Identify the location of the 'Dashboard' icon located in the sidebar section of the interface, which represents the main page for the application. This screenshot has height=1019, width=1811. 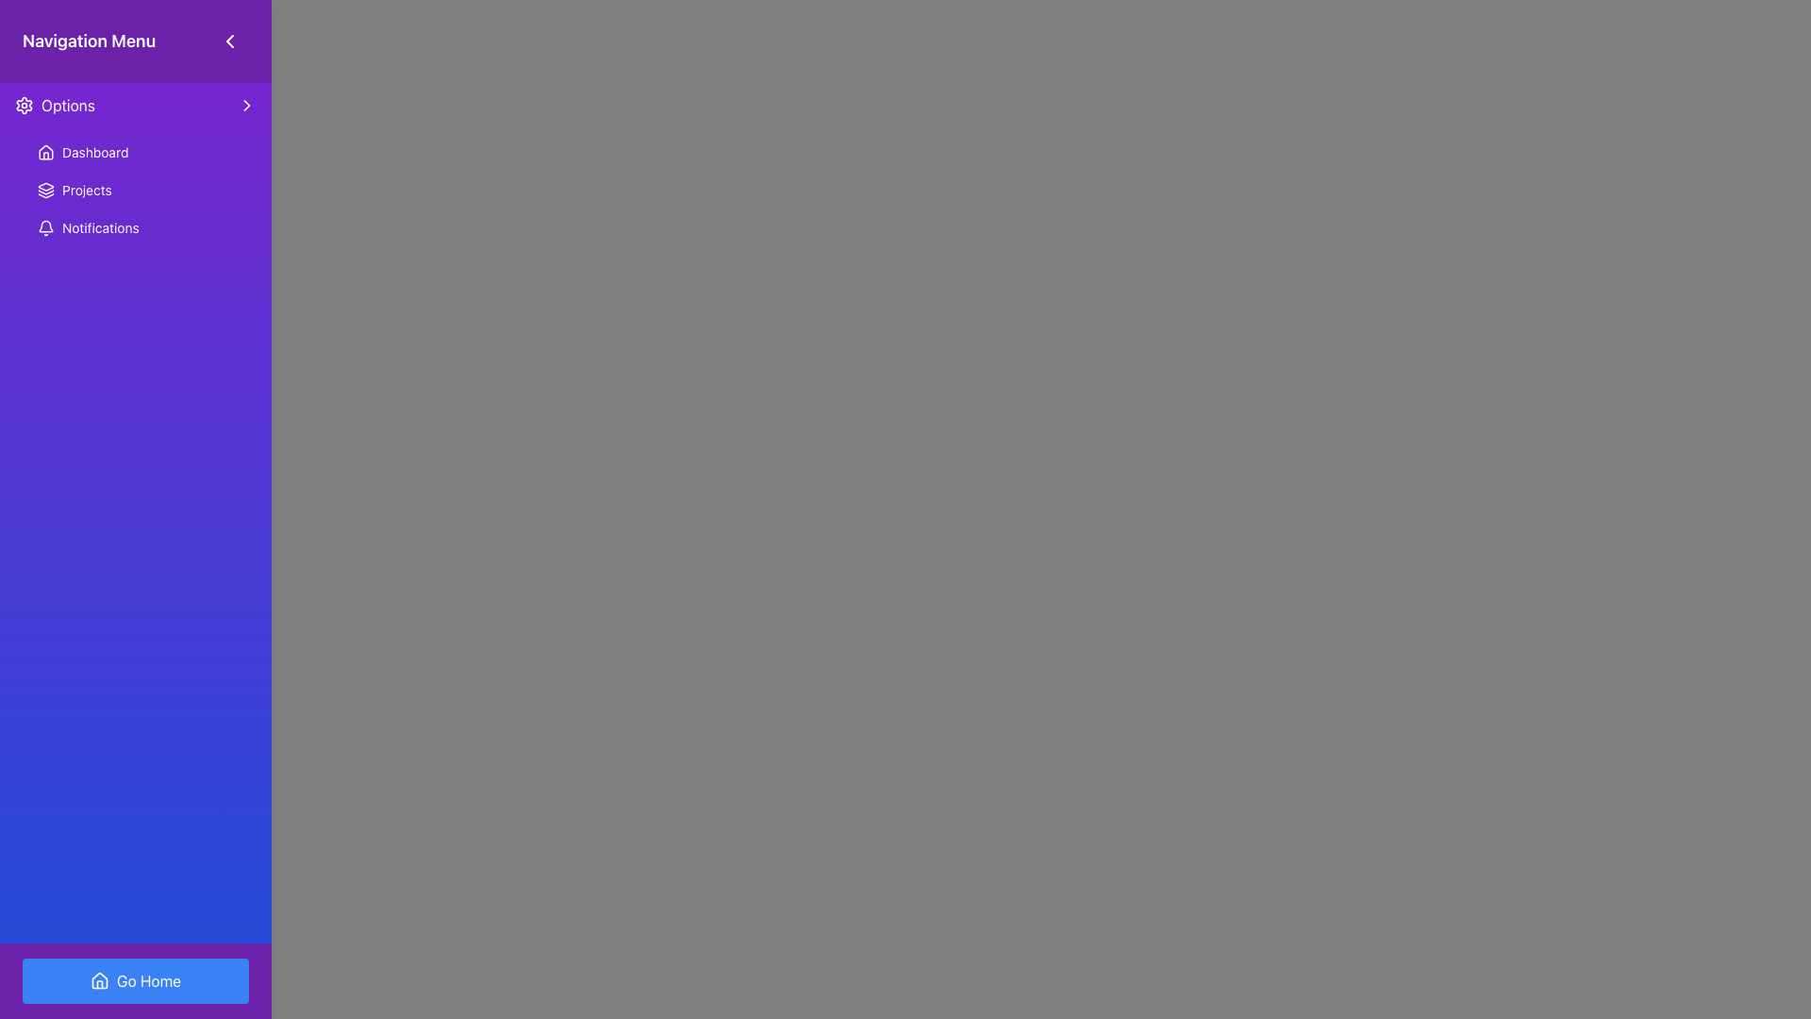
(45, 152).